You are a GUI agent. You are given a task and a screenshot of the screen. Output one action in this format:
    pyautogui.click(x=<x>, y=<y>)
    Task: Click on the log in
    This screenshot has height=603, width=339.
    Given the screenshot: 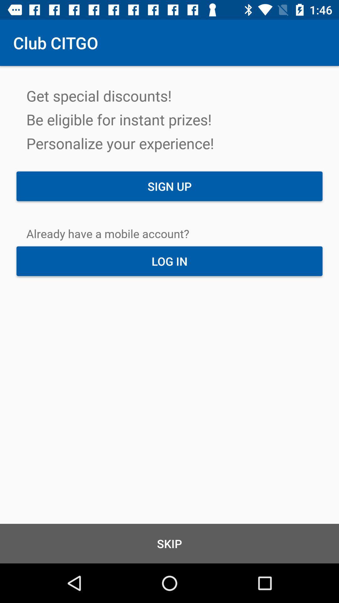 What is the action you would take?
    pyautogui.click(x=169, y=261)
    